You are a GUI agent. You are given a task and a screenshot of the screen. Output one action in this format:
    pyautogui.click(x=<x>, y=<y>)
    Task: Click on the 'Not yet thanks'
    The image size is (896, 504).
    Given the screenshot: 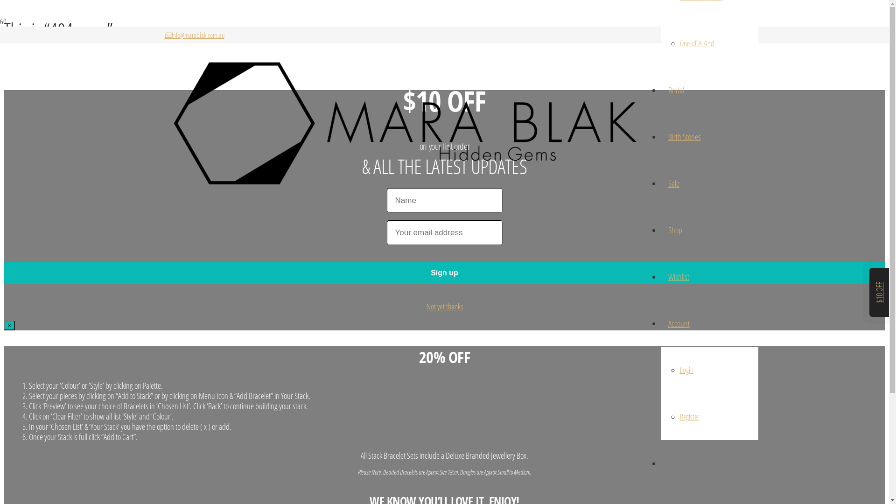 What is the action you would take?
    pyautogui.click(x=444, y=306)
    